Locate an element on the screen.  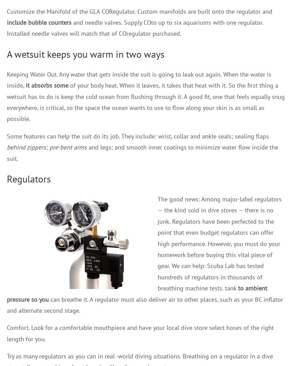
'can breathe it. A regulator must also deliver air to other places, such as your BC inflator and alternate second stage.' is located at coordinates (145, 304).